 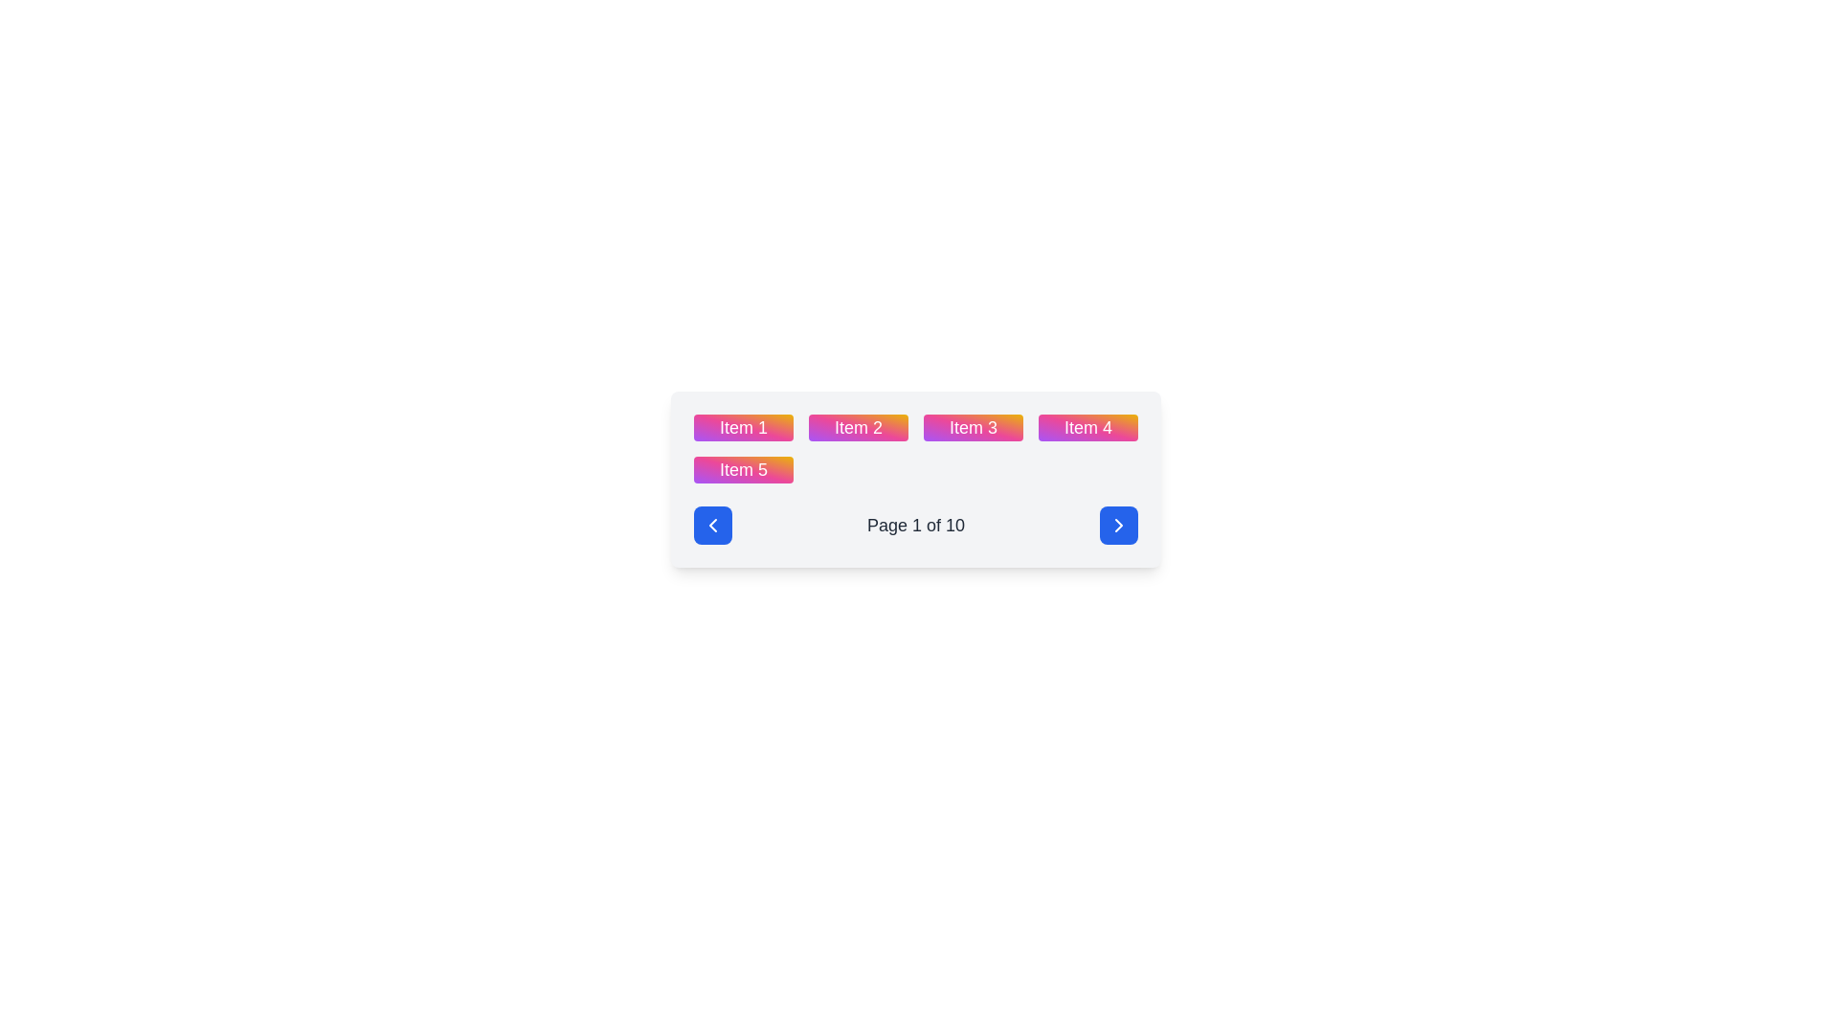 What do you see at coordinates (1088, 427) in the screenshot?
I see `the fourth item` at bounding box center [1088, 427].